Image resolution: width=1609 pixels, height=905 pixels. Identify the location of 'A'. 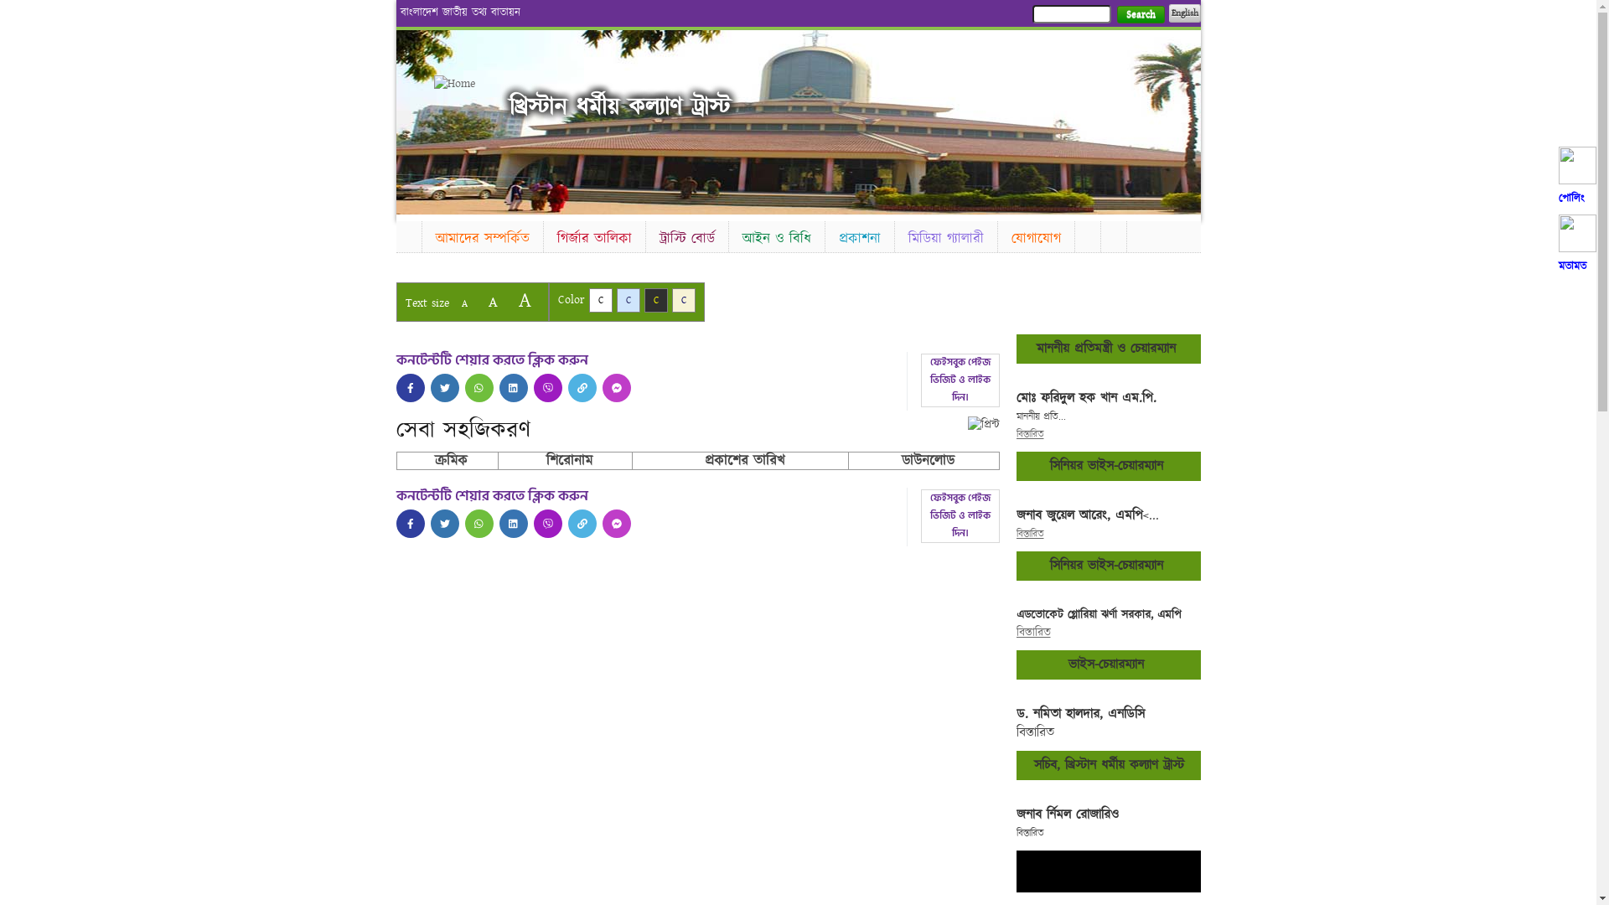
(523, 299).